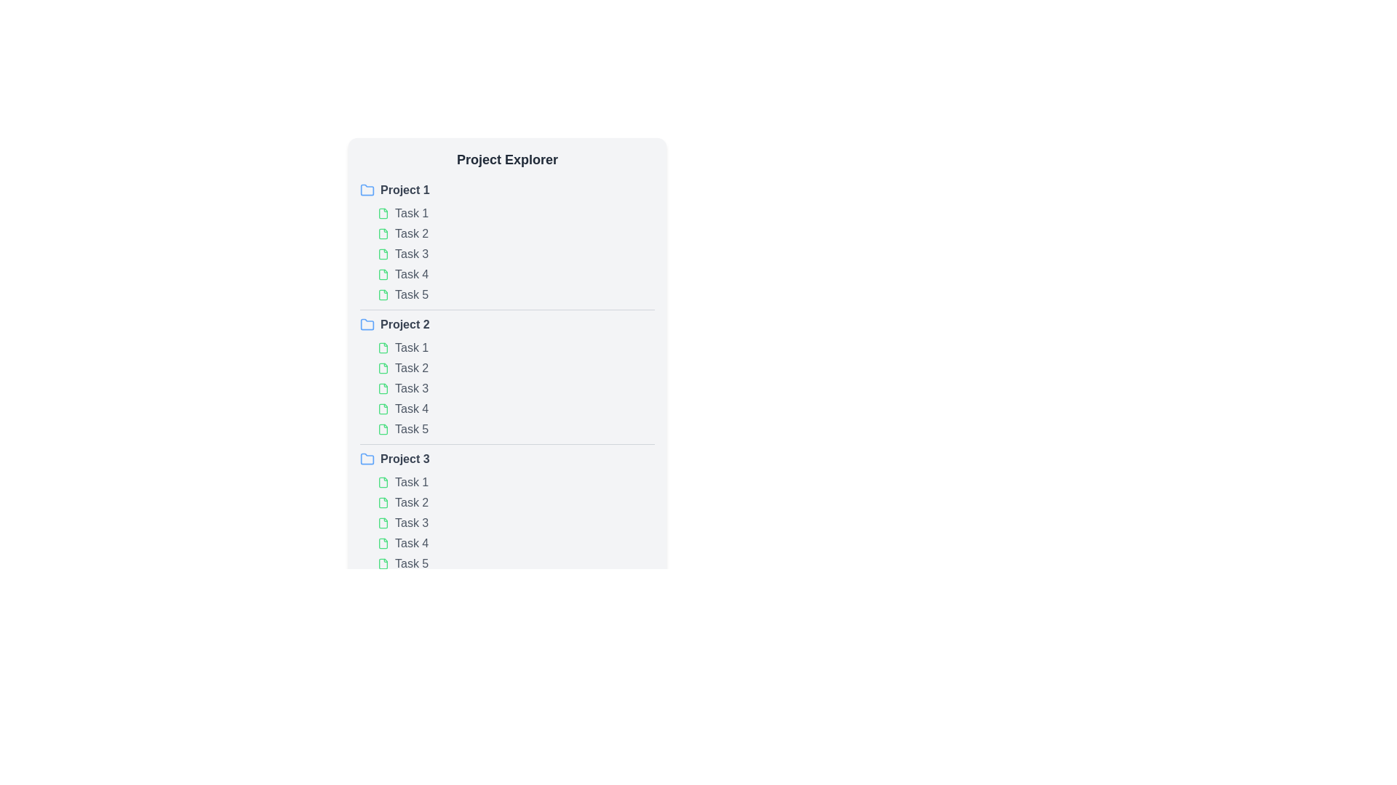 This screenshot has height=785, width=1397. I want to click on the green document icon representing a completed file in the task listing under 'Project 3', specifically aligned with 'Task 5', so click(383, 563).